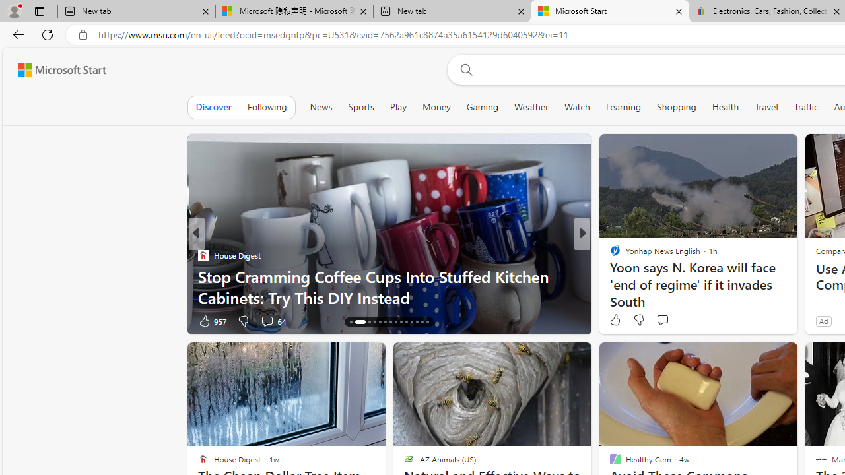  What do you see at coordinates (609, 255) in the screenshot?
I see `'TheStreet'` at bounding box center [609, 255].